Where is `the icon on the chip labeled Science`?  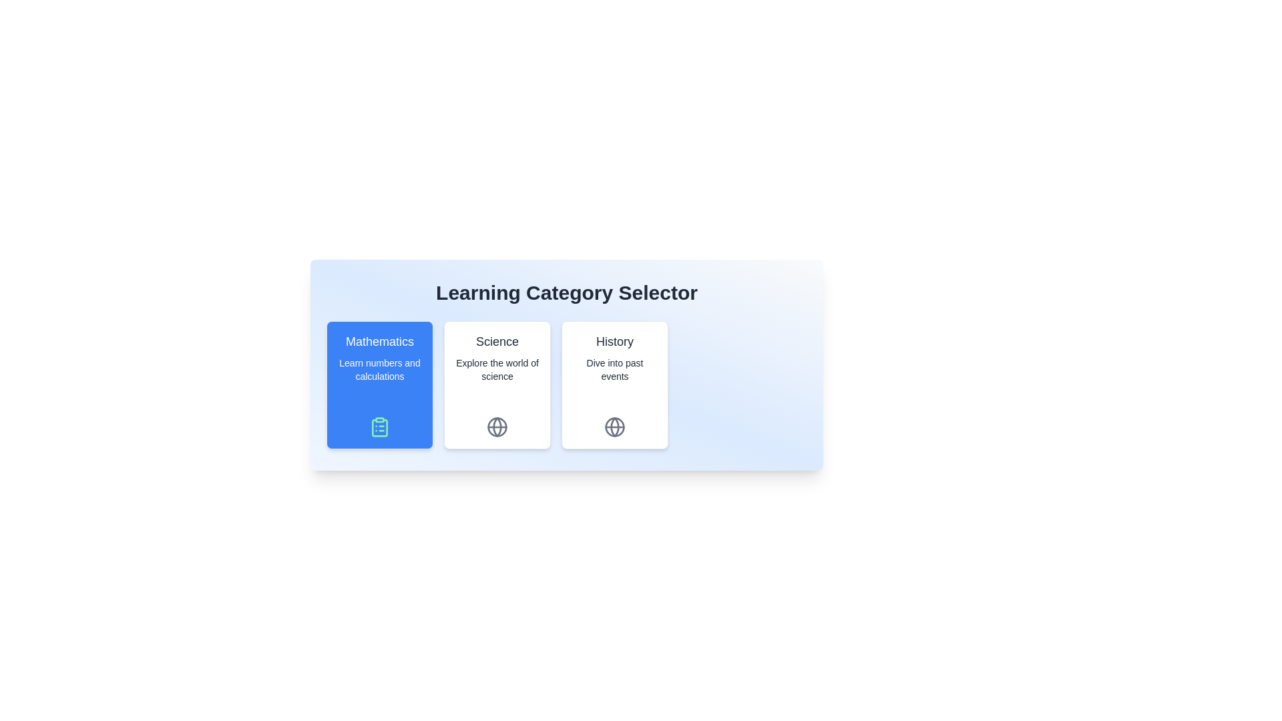
the icon on the chip labeled Science is located at coordinates (496, 427).